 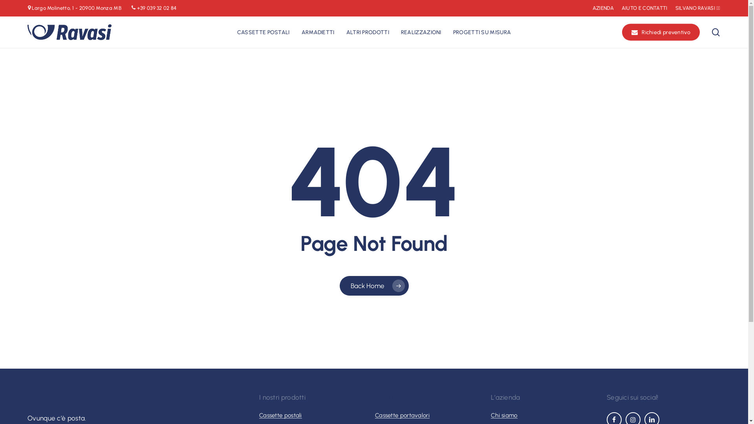 What do you see at coordinates (711, 32) in the screenshot?
I see `'search'` at bounding box center [711, 32].